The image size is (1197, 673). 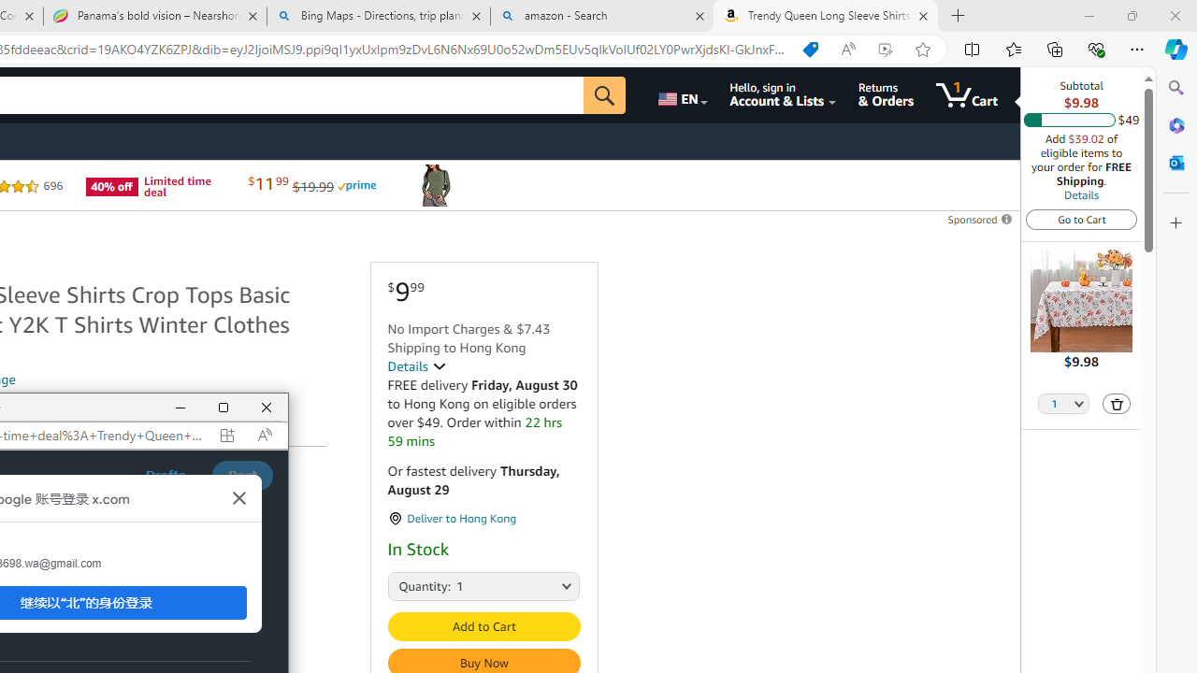 What do you see at coordinates (483, 626) in the screenshot?
I see `'Add to Cart'` at bounding box center [483, 626].